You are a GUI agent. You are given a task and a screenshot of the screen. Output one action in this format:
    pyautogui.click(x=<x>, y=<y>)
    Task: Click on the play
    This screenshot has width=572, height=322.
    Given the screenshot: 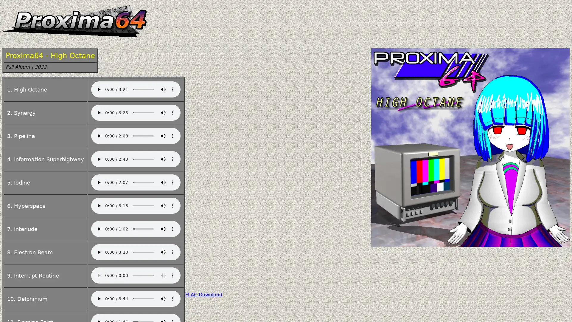 What is the action you would take?
    pyautogui.click(x=99, y=205)
    